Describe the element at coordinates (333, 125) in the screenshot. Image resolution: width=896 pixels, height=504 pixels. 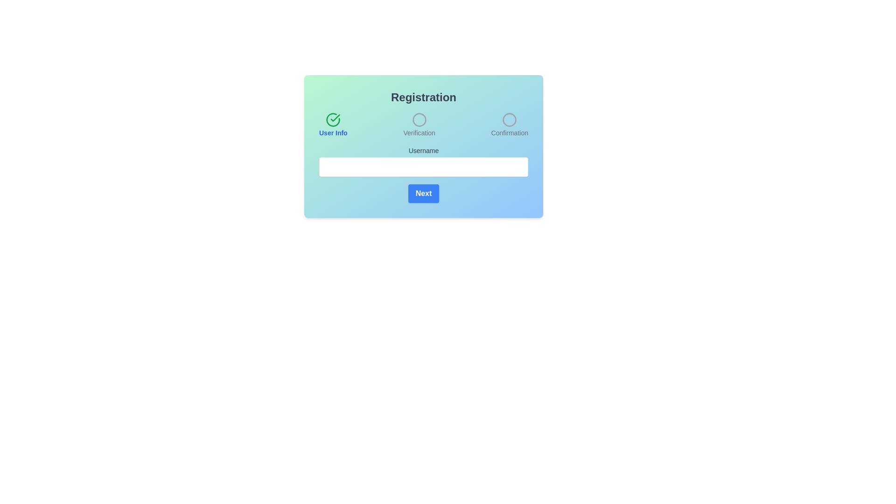
I see `the 'User Info' status indicator, which is the first element on the left in the progress bar layout indicating the current step in the registration process` at that location.